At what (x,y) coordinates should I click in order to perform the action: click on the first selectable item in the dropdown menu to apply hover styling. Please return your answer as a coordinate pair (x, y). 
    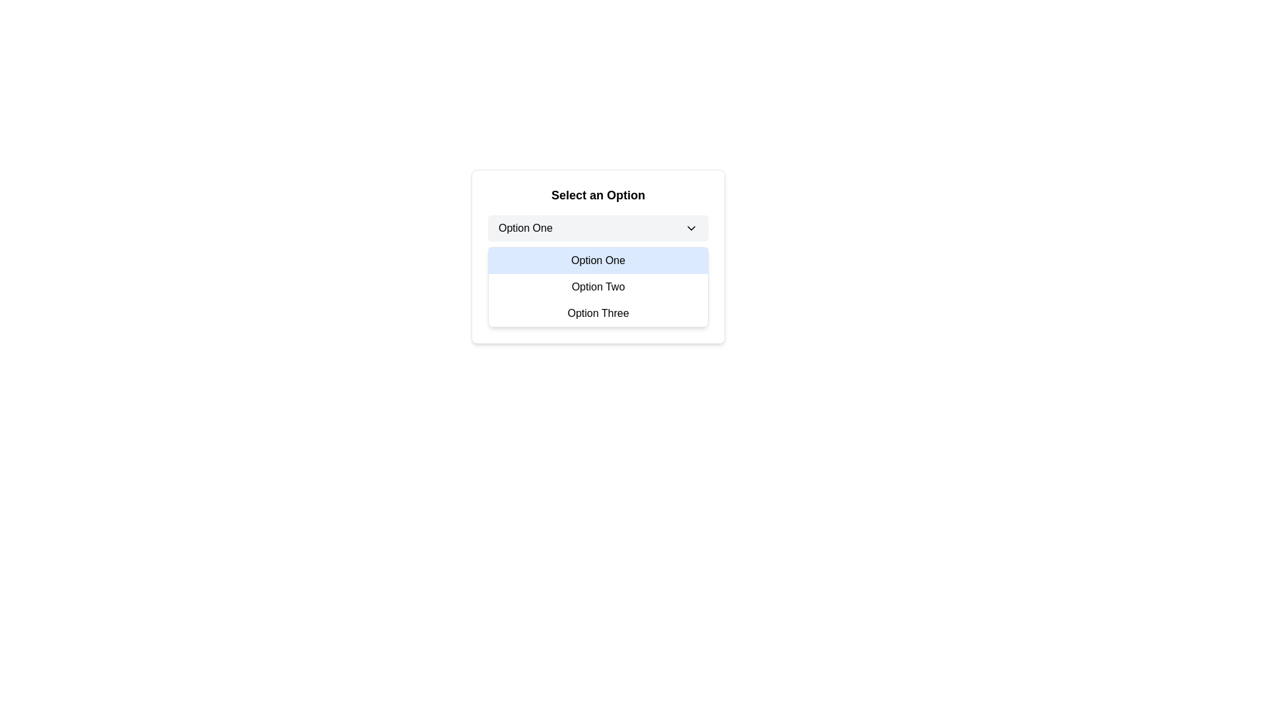
    Looking at the image, I should click on (598, 260).